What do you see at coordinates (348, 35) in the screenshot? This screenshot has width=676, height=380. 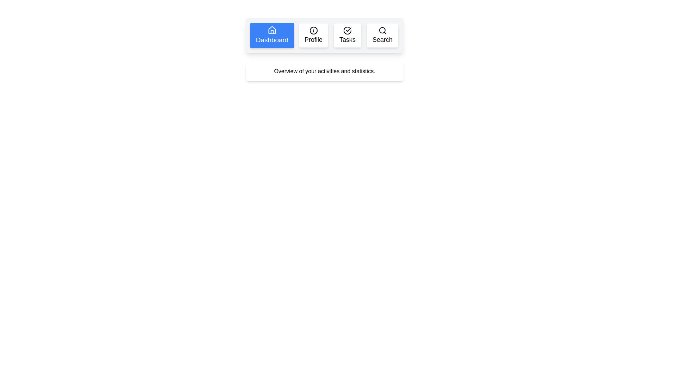 I see `the tab labeled Tasks` at bounding box center [348, 35].